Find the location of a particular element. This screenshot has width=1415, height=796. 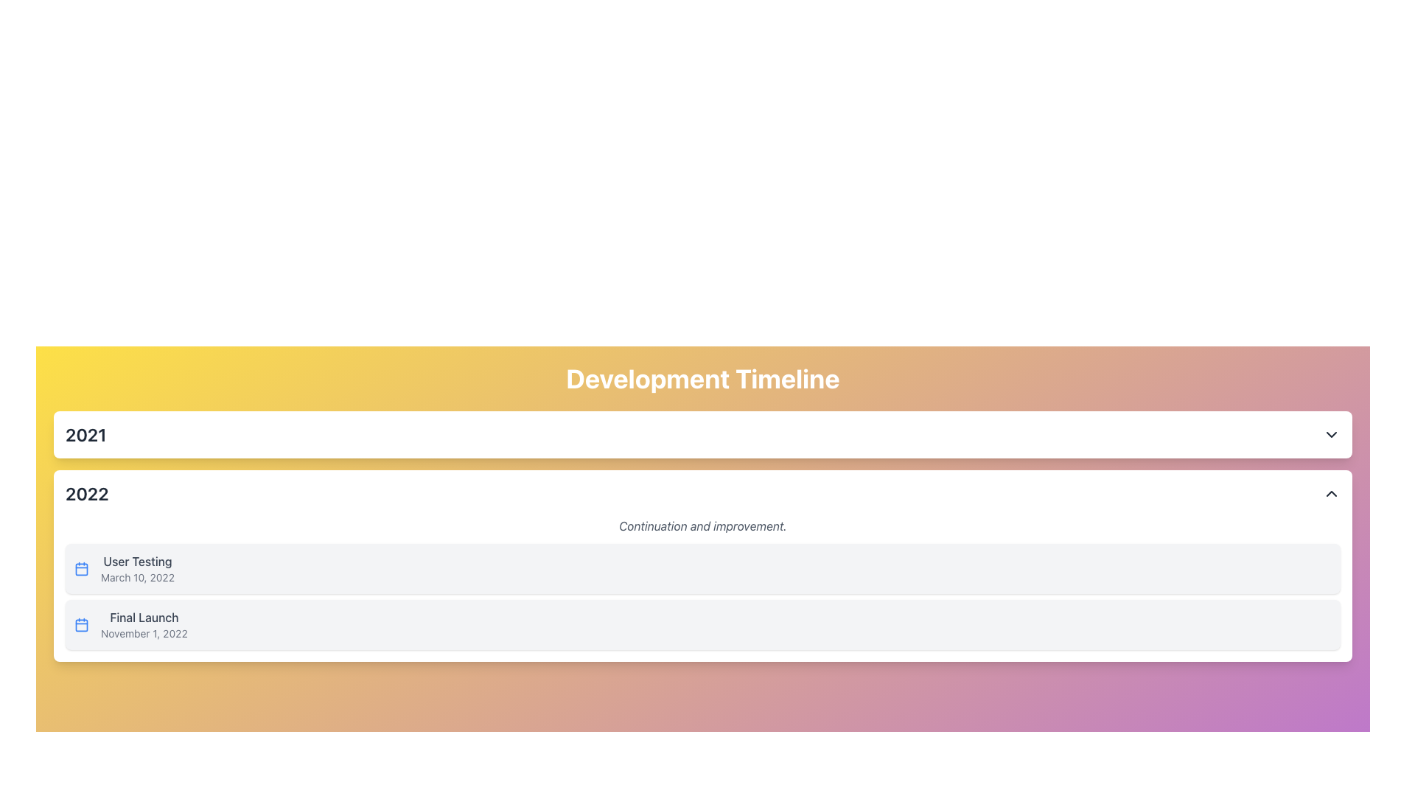

the calendar icon located to the left of the text 'Final Launch November 1, 2022', which is part of a rounded rectangular card in the timeline entry for the year '2022' is located at coordinates (80, 625).